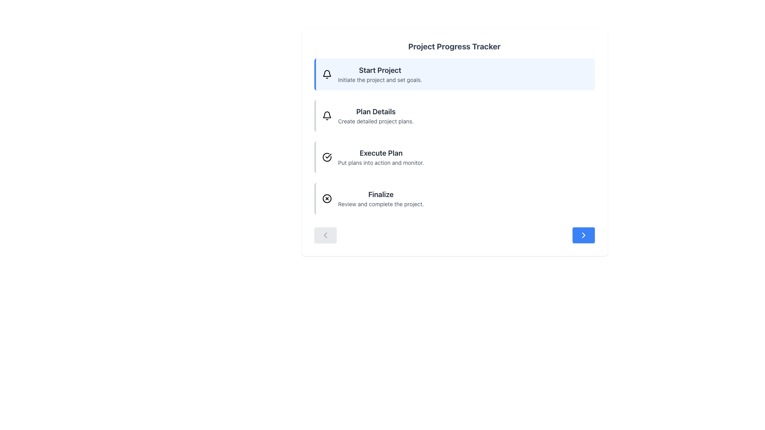 Image resolution: width=765 pixels, height=430 pixels. Describe the element at coordinates (327, 73) in the screenshot. I see `the upper portion of the bell icon` at that location.